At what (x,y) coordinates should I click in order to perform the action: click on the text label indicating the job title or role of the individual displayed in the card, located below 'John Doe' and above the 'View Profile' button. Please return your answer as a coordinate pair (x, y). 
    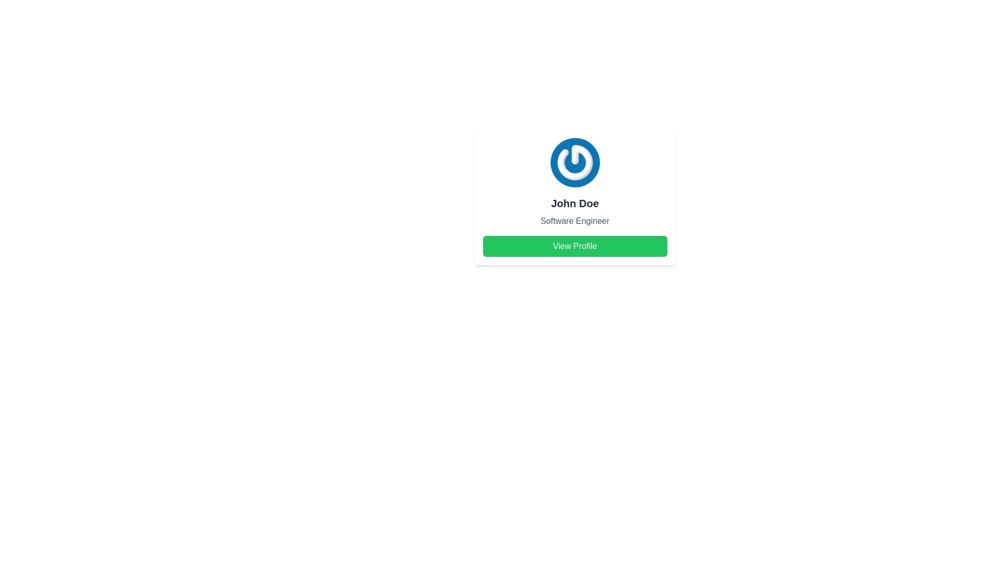
    Looking at the image, I should click on (574, 221).